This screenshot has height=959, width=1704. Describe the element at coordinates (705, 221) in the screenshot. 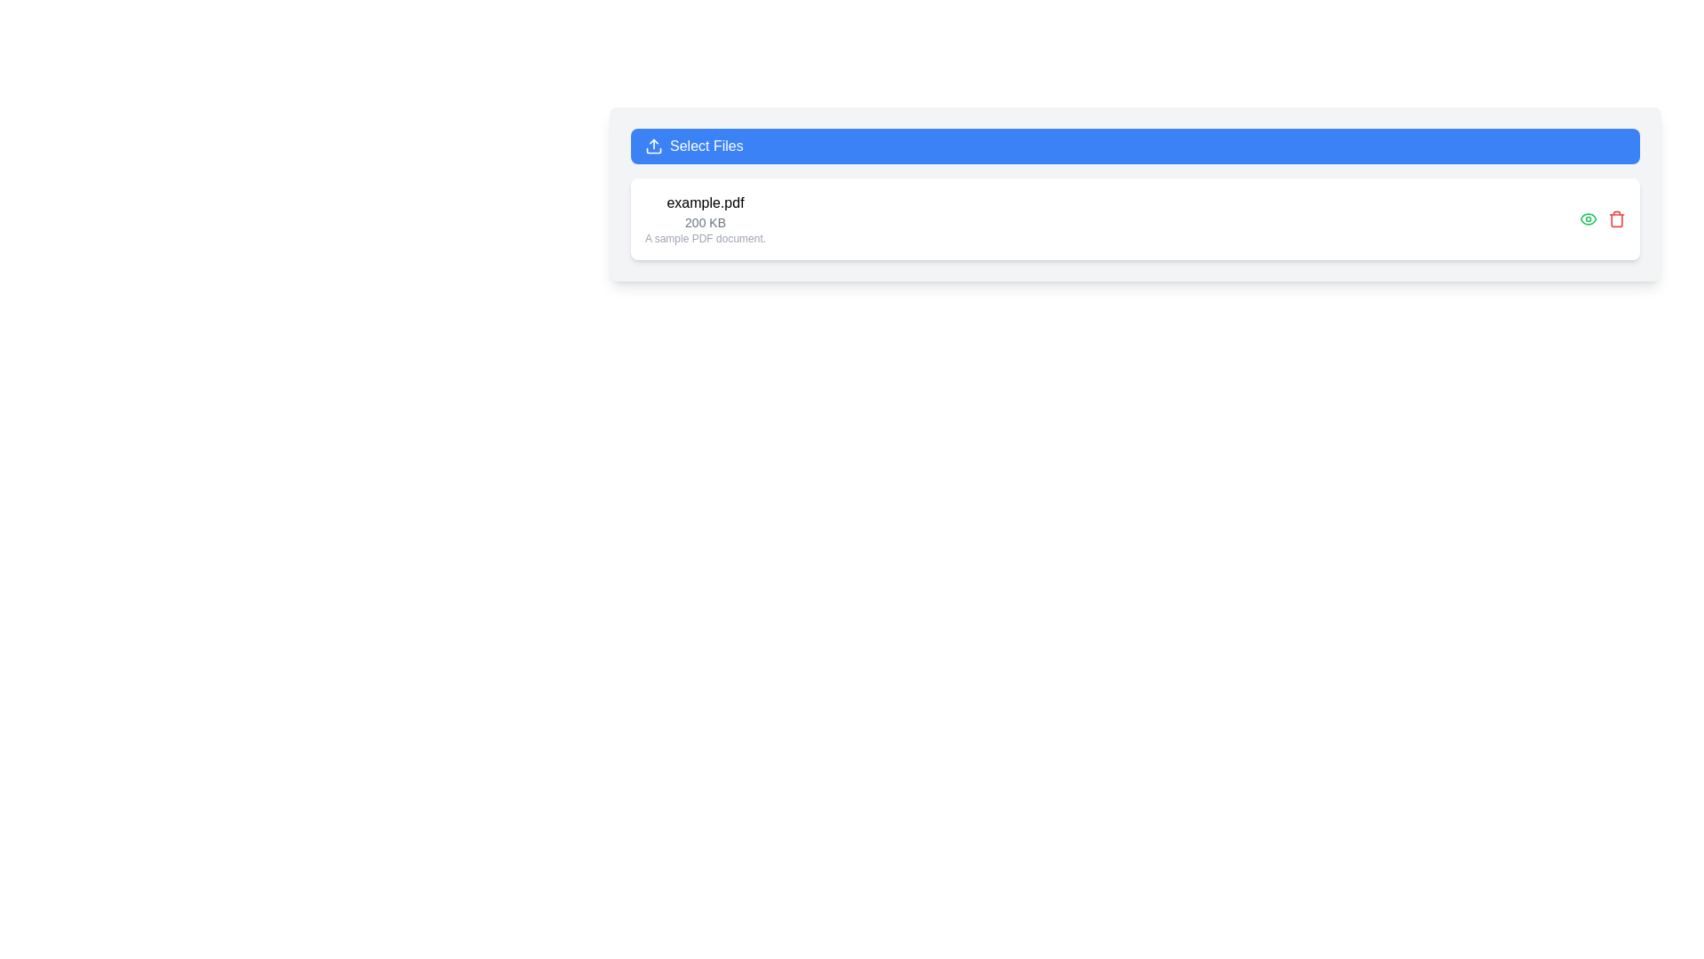

I see `text content of the Text Label displaying '200 KB', which is styled in a small, gray font and located below the file name 'example.pdf' and above the description of the file` at that location.